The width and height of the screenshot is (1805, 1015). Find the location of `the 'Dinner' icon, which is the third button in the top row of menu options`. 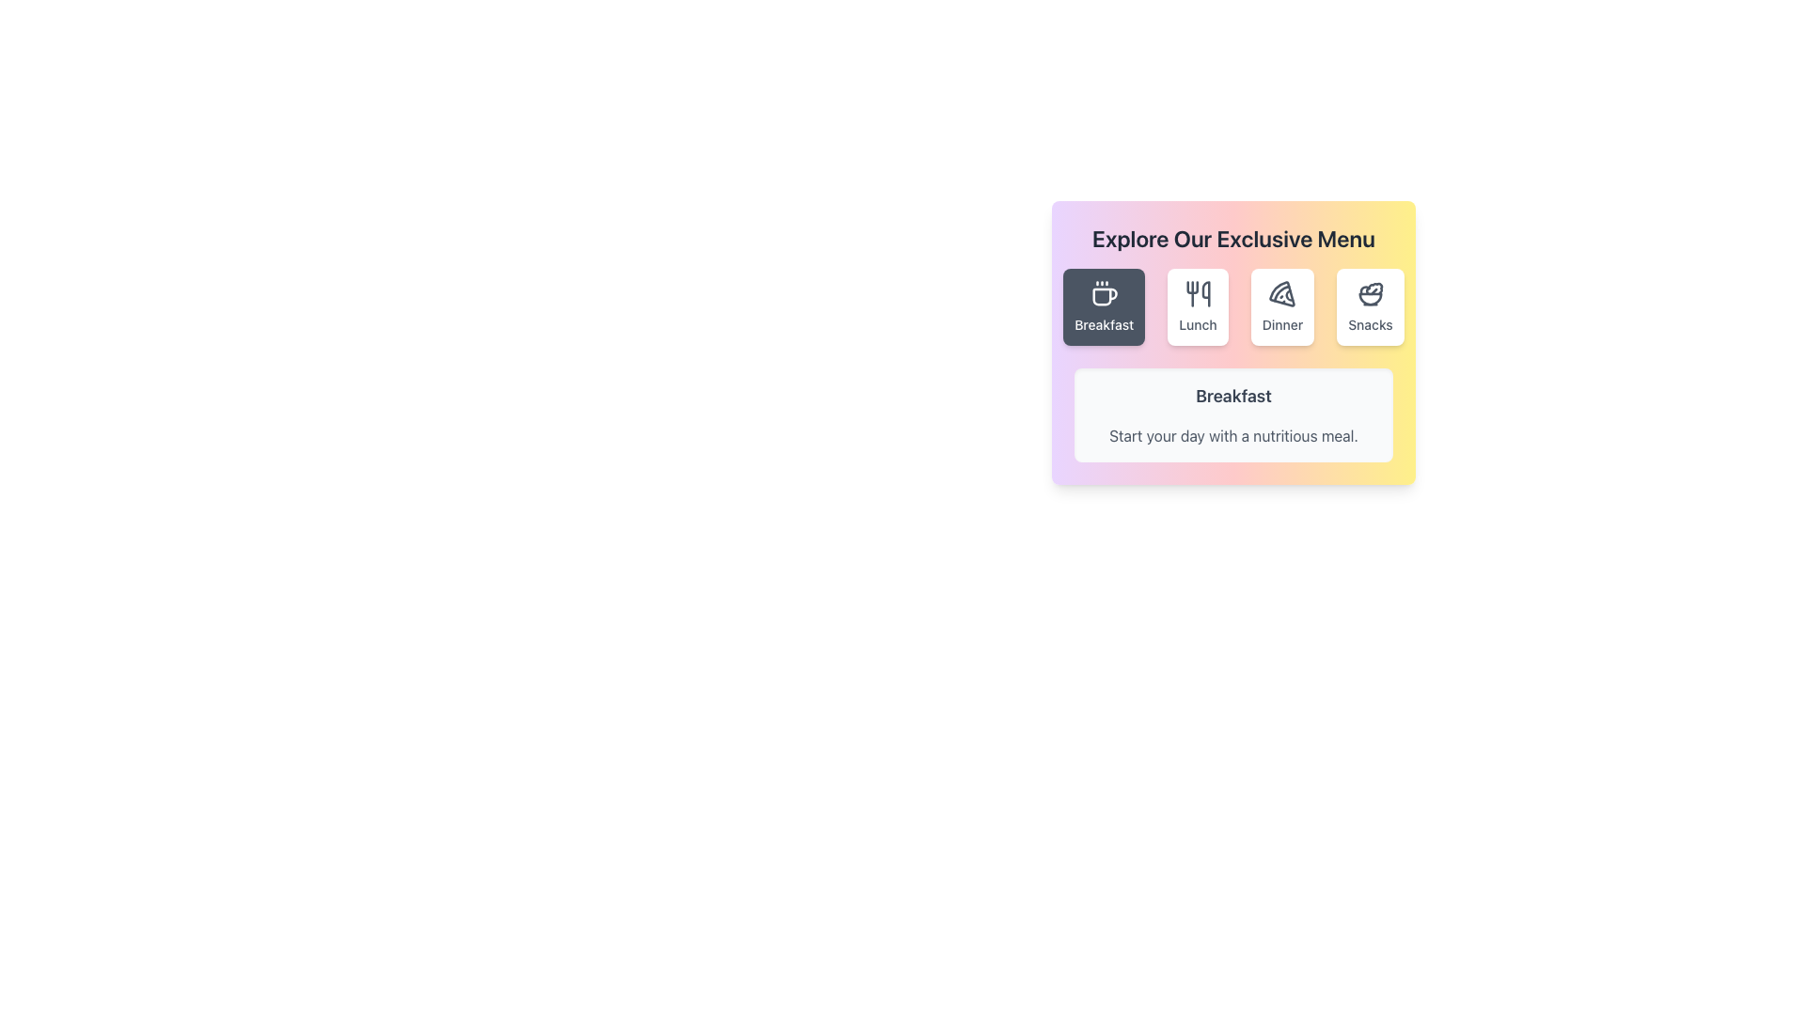

the 'Dinner' icon, which is the third button in the top row of menu options is located at coordinates (1280, 293).